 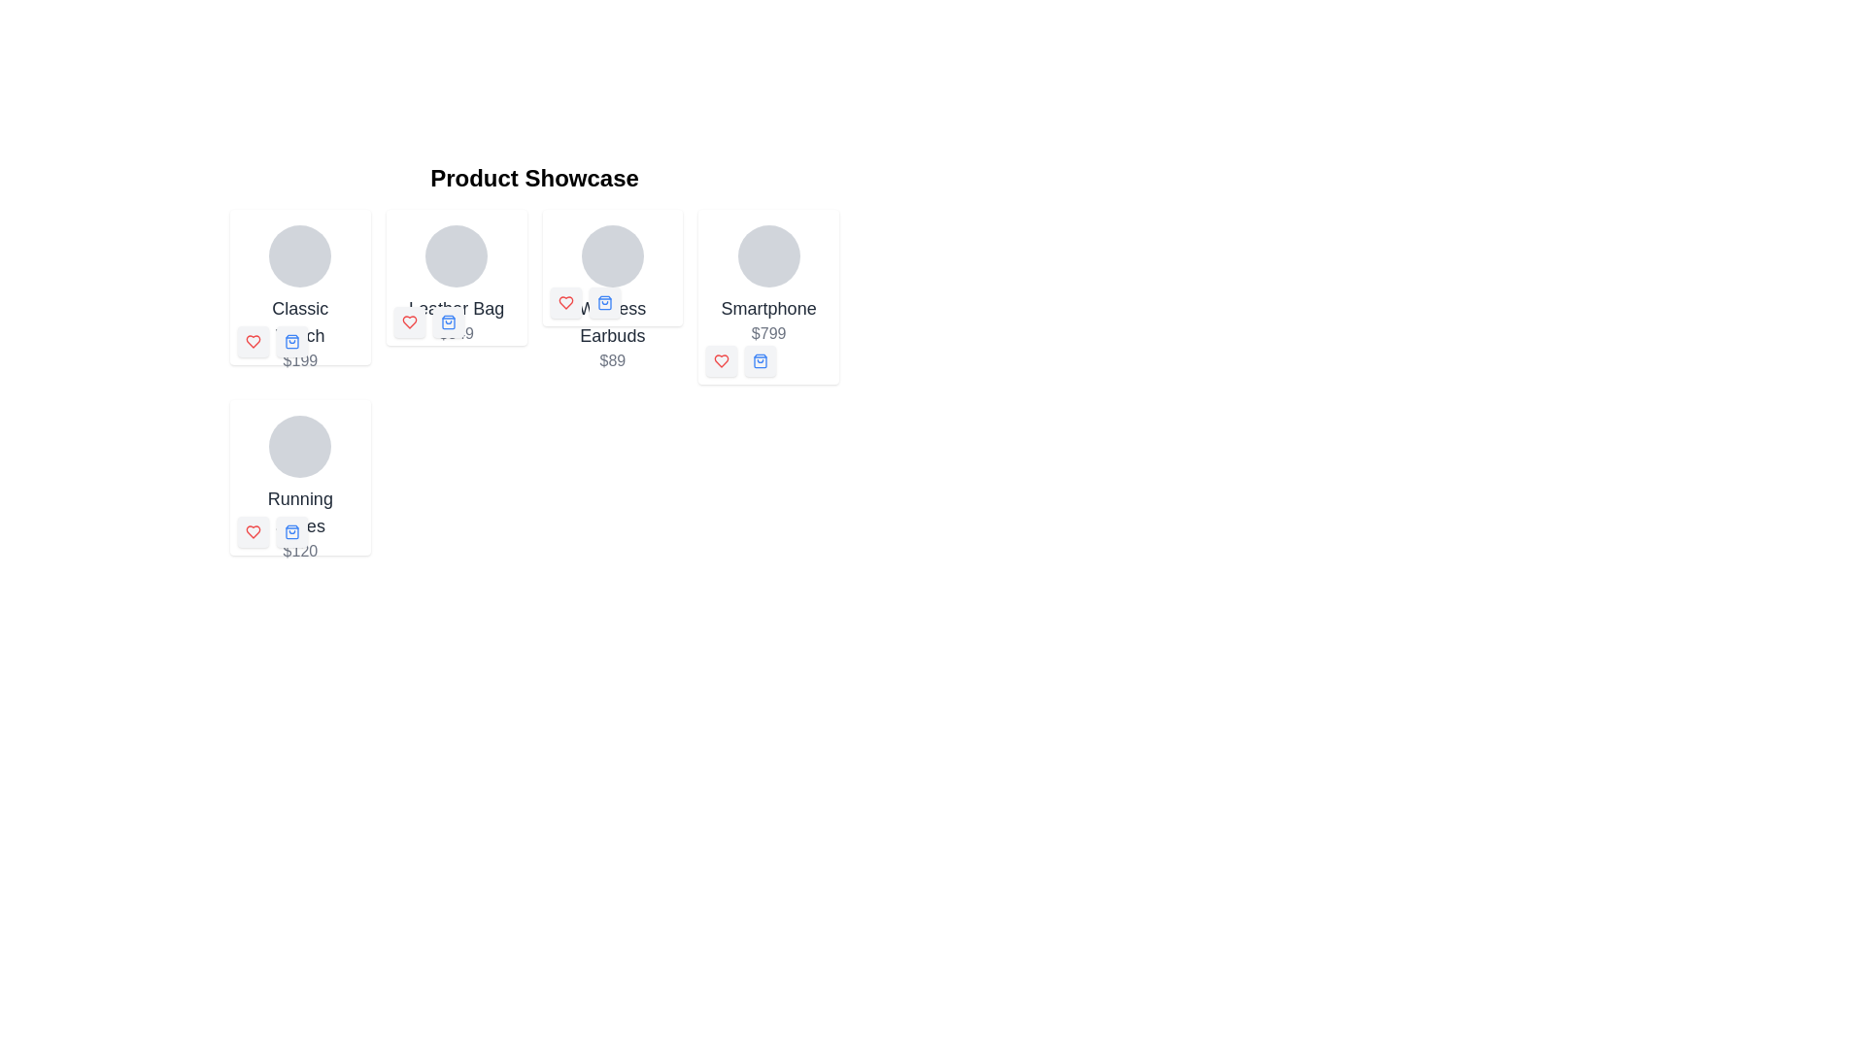 What do you see at coordinates (611, 360) in the screenshot?
I see `the price label displaying '$89' in gray font, which is located below the 'Wireless Earbuds' text` at bounding box center [611, 360].